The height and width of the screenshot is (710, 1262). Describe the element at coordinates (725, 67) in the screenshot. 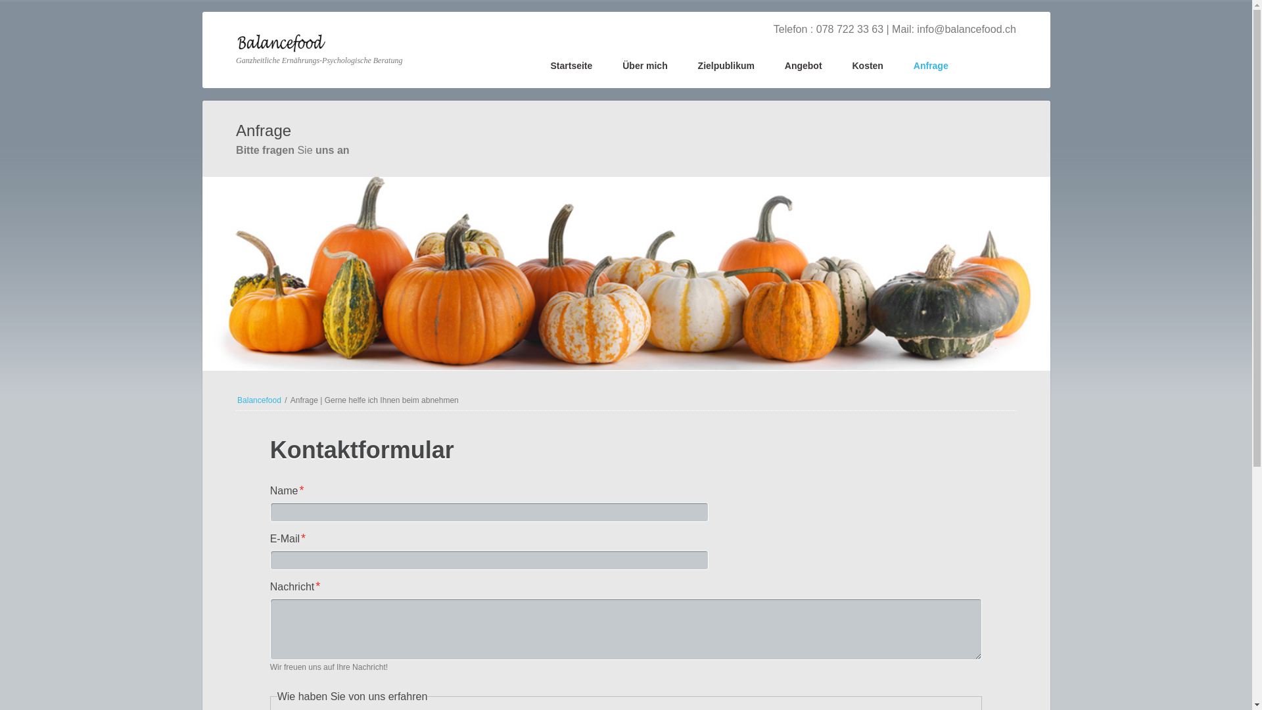

I see `'Zielpublikum'` at that location.